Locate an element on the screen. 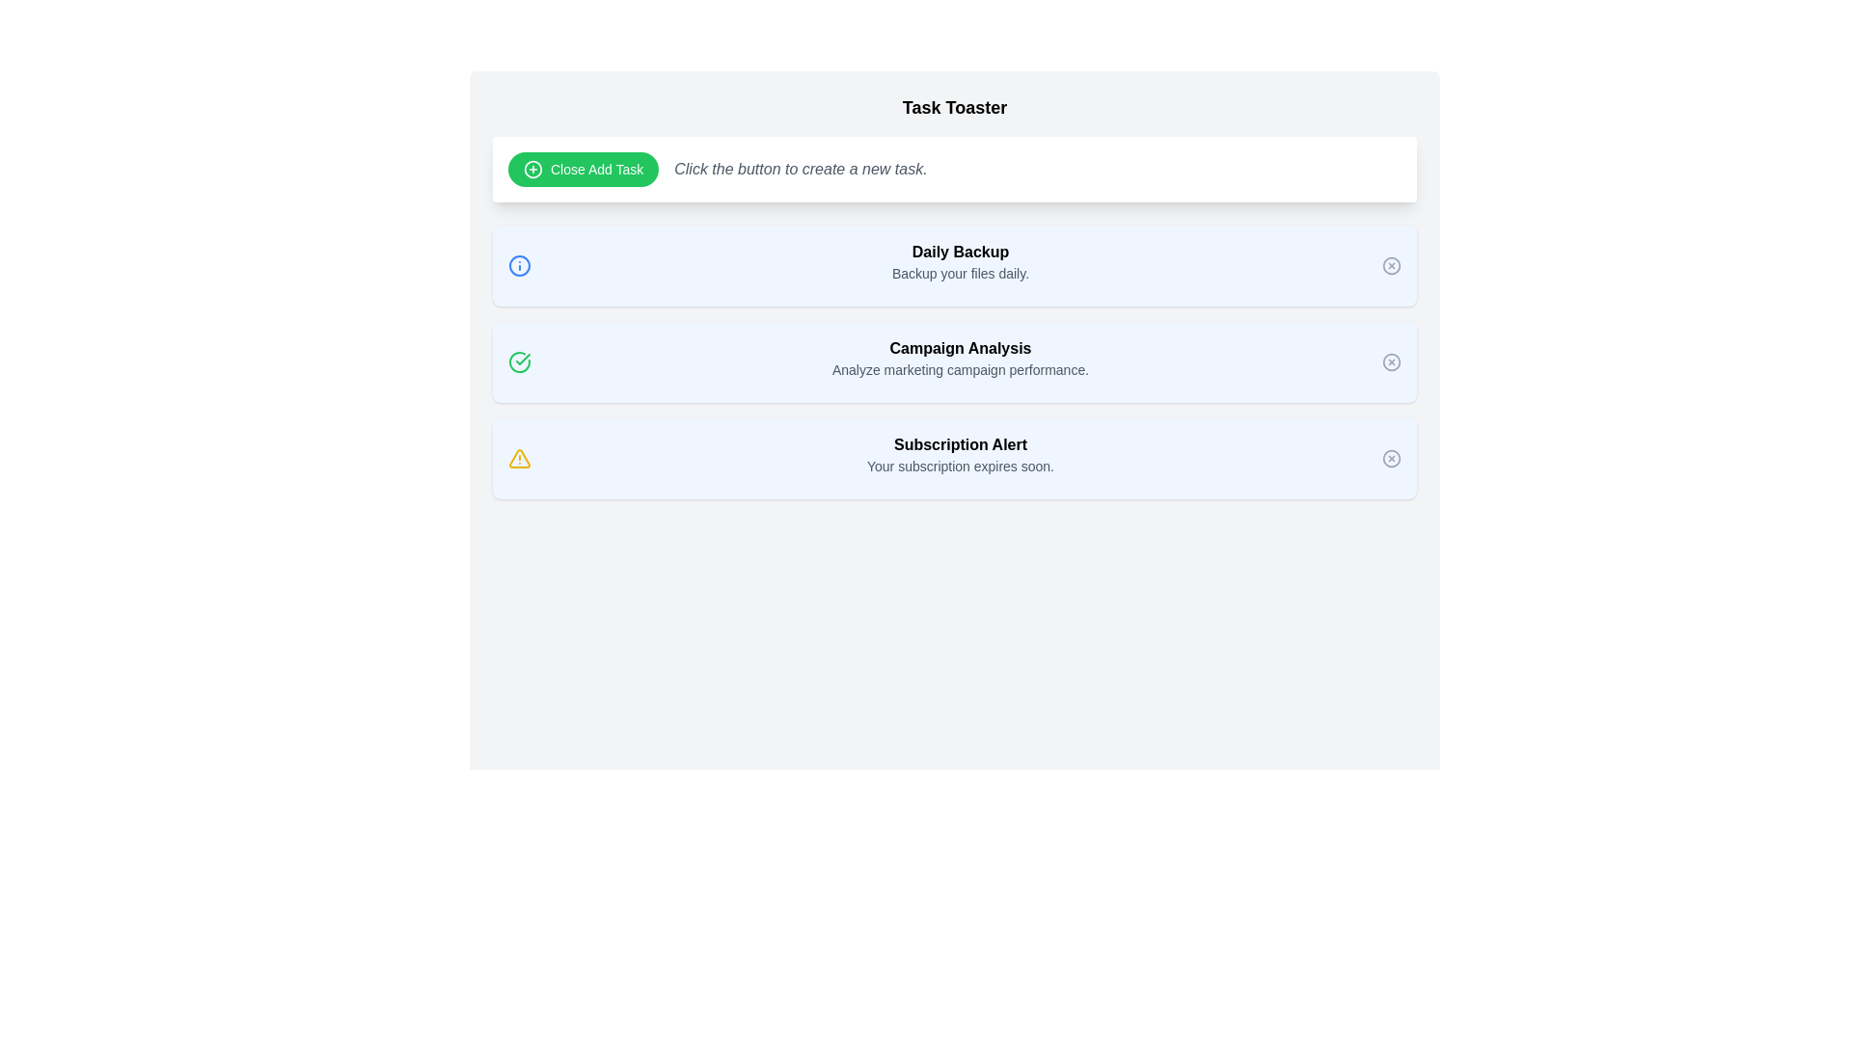 This screenshot has height=1041, width=1852. the 'Campaign Analysis' text block, which features bold and larger font for the title and smaller font for the description, from its current position is located at coordinates (961, 361).